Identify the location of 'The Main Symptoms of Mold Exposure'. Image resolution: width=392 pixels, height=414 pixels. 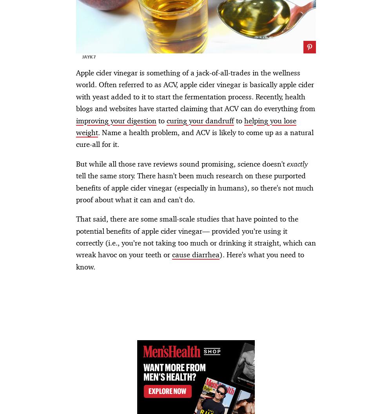
(64, 64).